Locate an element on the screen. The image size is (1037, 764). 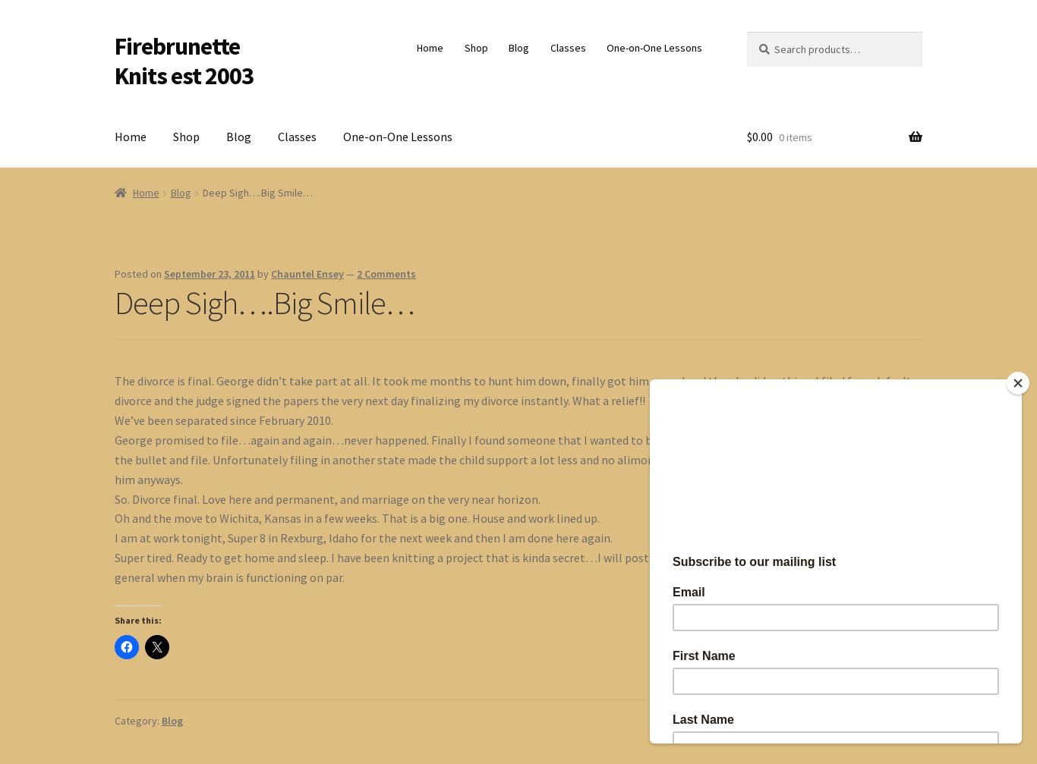
'Share this:' is located at coordinates (113, 618).